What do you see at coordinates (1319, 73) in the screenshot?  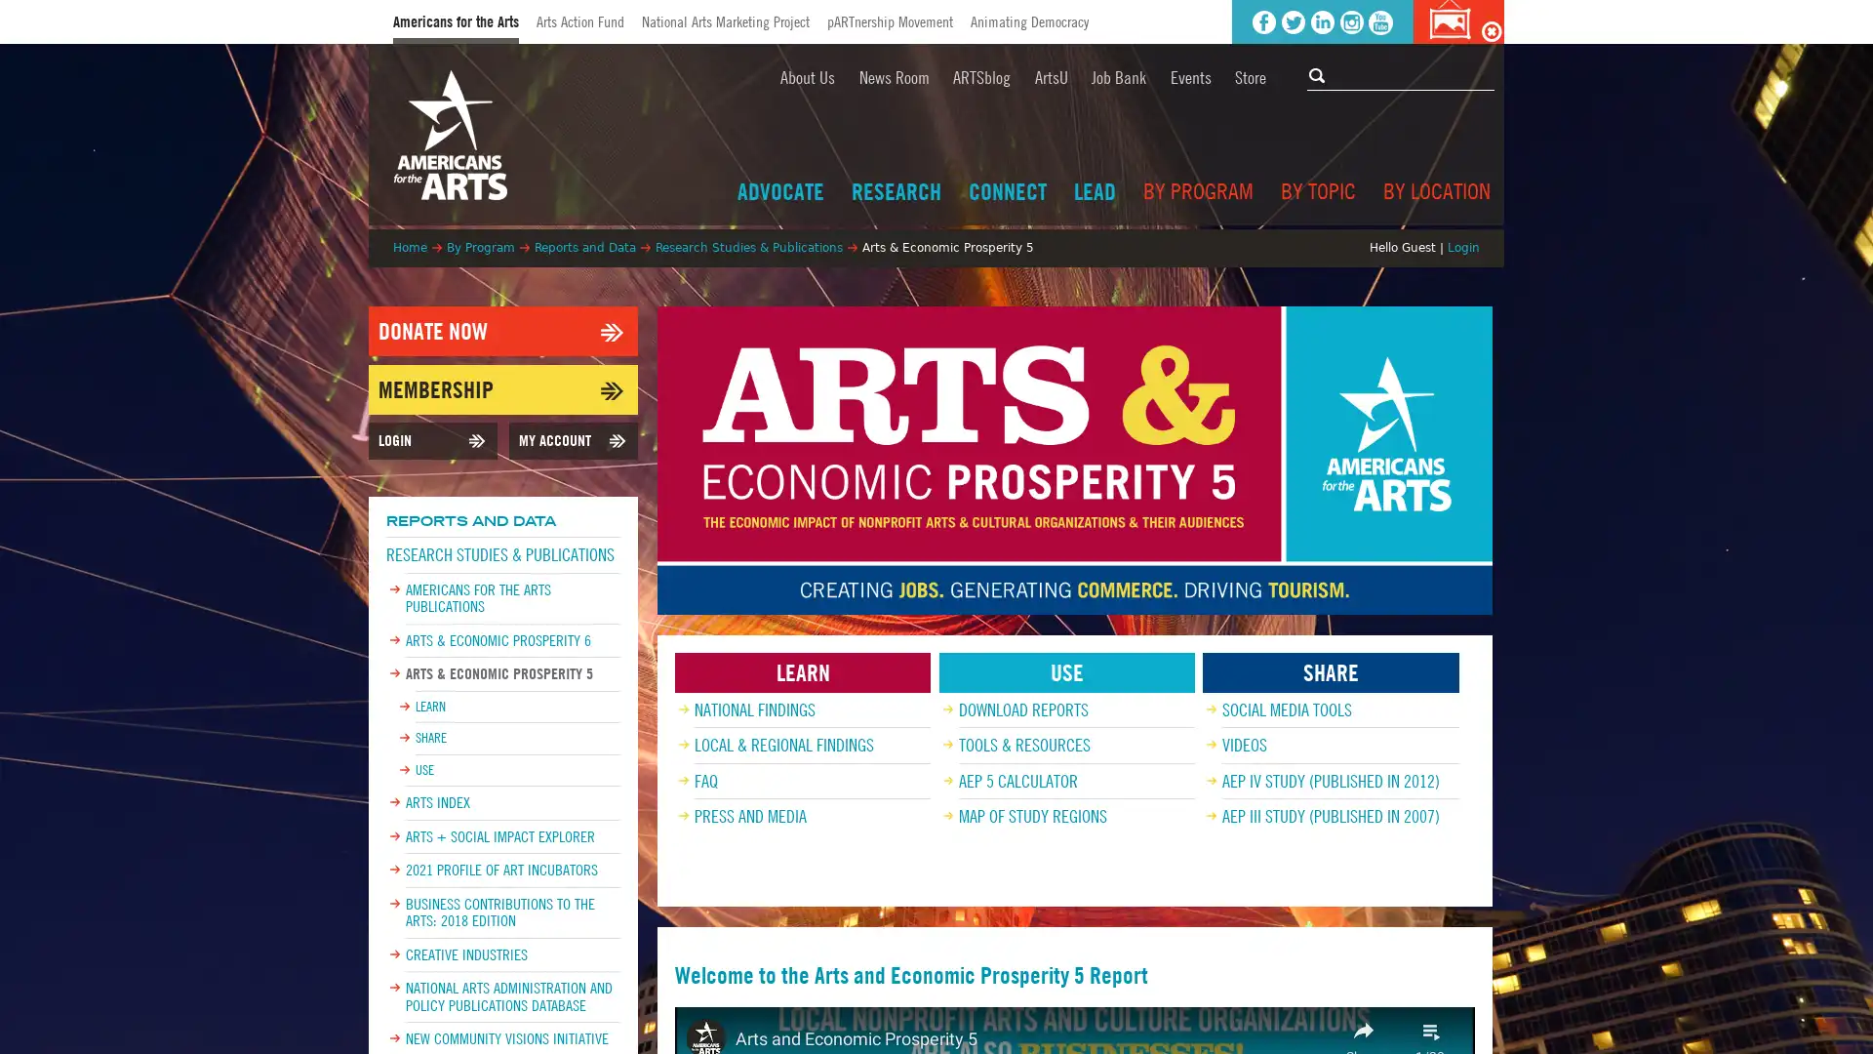 I see `Search` at bounding box center [1319, 73].